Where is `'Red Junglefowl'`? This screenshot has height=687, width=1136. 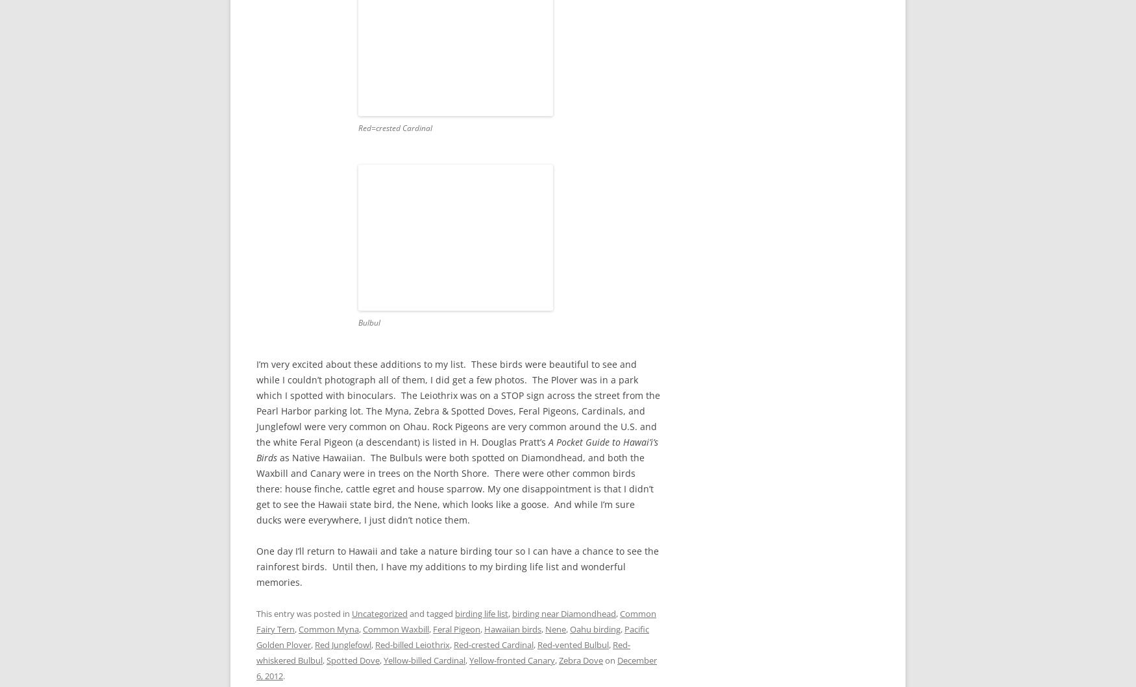
'Red Junglefowl' is located at coordinates (342, 644).